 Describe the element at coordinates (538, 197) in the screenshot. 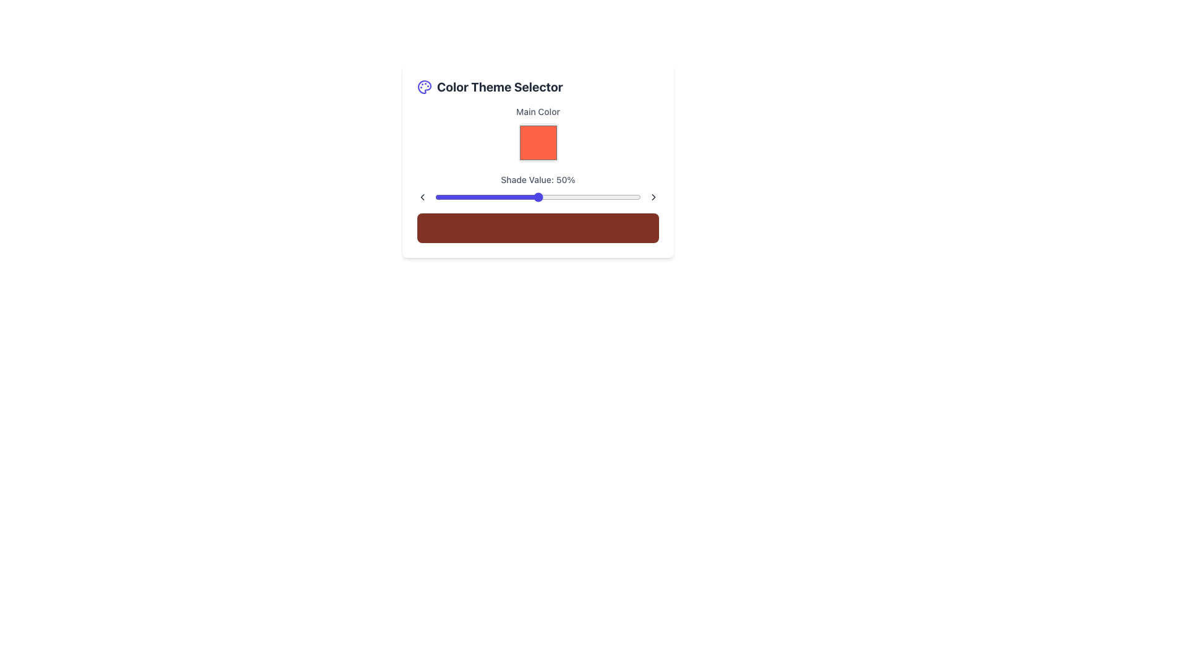

I see `and drag the handle of the horizontal range slider located below the label 'Shade Value: 50%' to adjust the value` at that location.